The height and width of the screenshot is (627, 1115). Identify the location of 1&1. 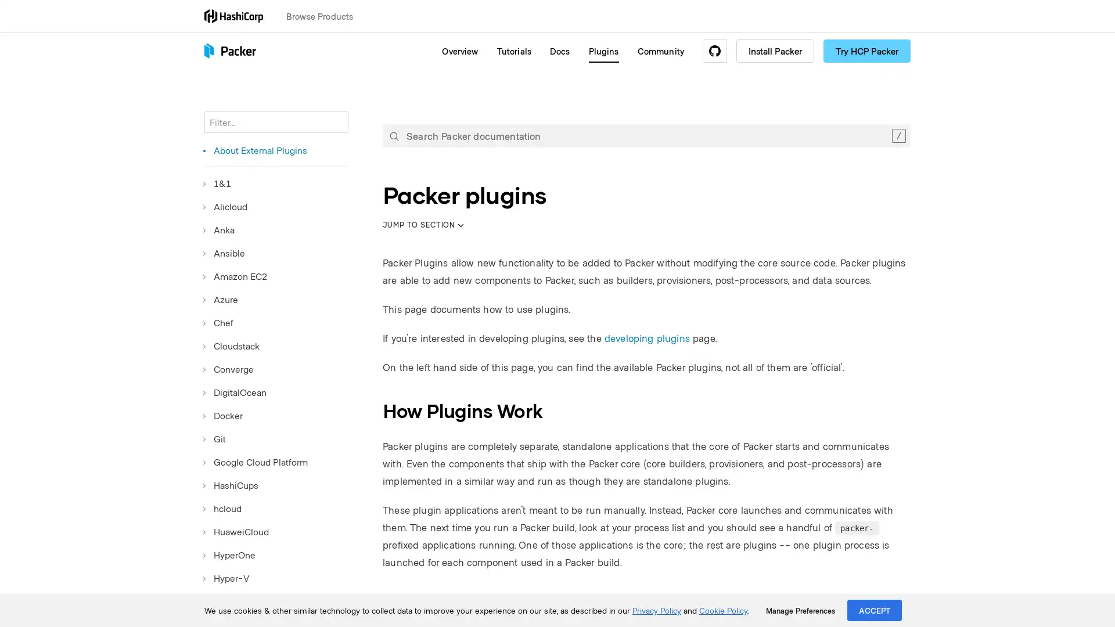
(217, 183).